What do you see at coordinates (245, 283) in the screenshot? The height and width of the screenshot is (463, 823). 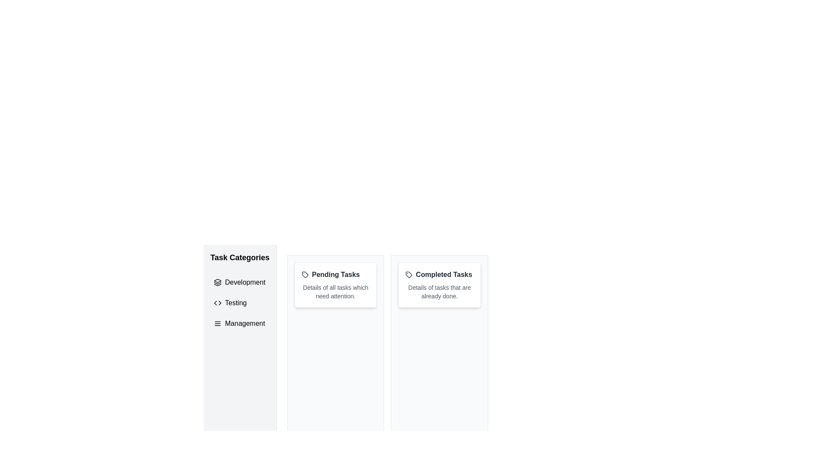 I see `the 'Development' text label in the task categories navigation list` at bounding box center [245, 283].